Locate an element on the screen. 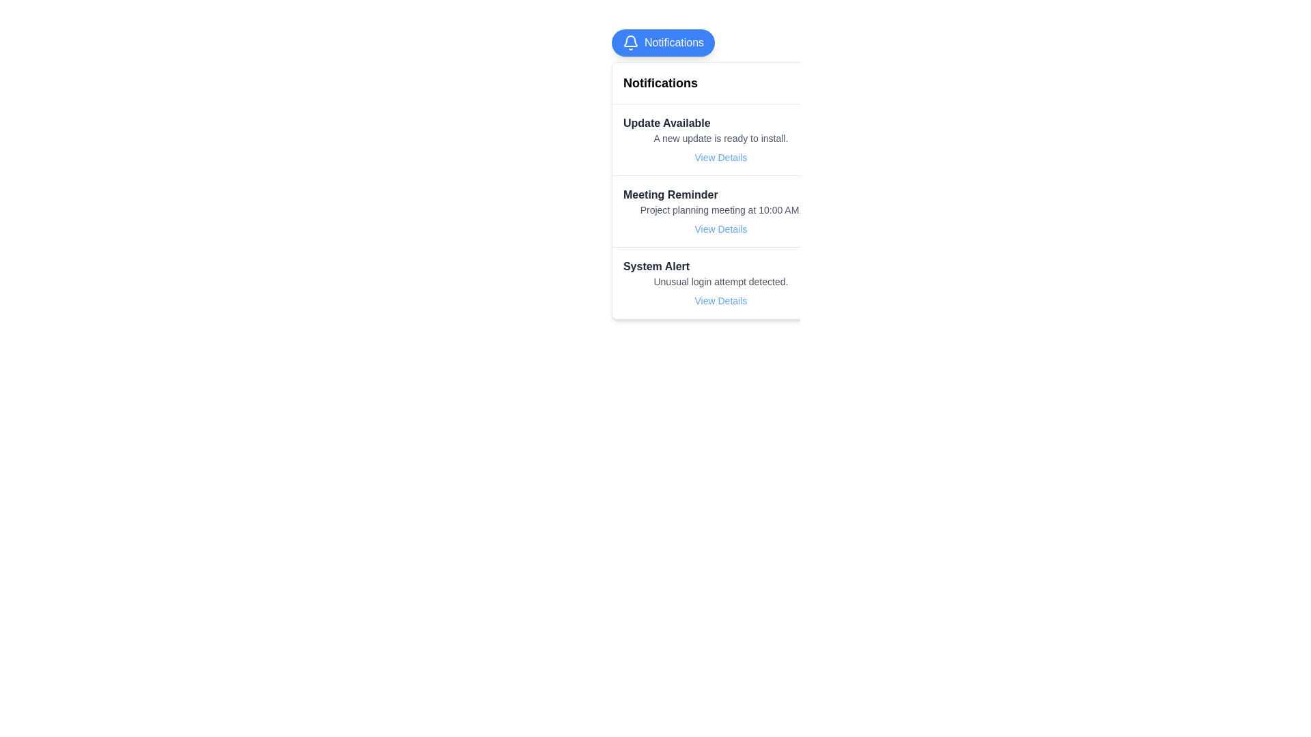  the Text Label that serves as the title for the second notification entry in the notifications list, located below the 'Notifications' heading and above the meeting description is located at coordinates (671, 194).